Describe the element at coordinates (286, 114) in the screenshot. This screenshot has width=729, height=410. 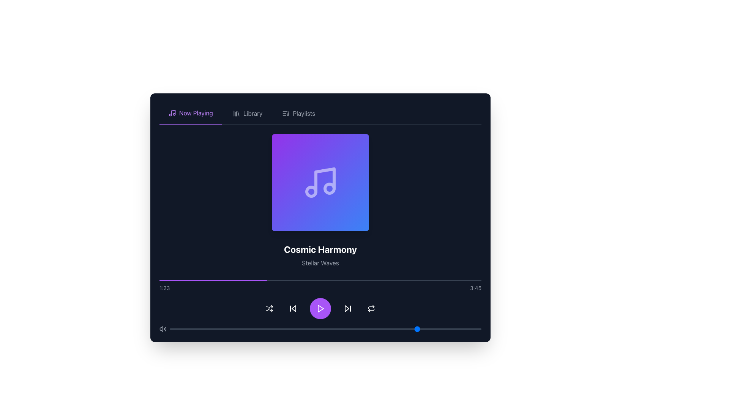
I see `the playlist icon, which is a thin outlined icon suggesting a playlist feature, located to the left of the 'Playlists' text in the horizontal navigation bar` at that location.